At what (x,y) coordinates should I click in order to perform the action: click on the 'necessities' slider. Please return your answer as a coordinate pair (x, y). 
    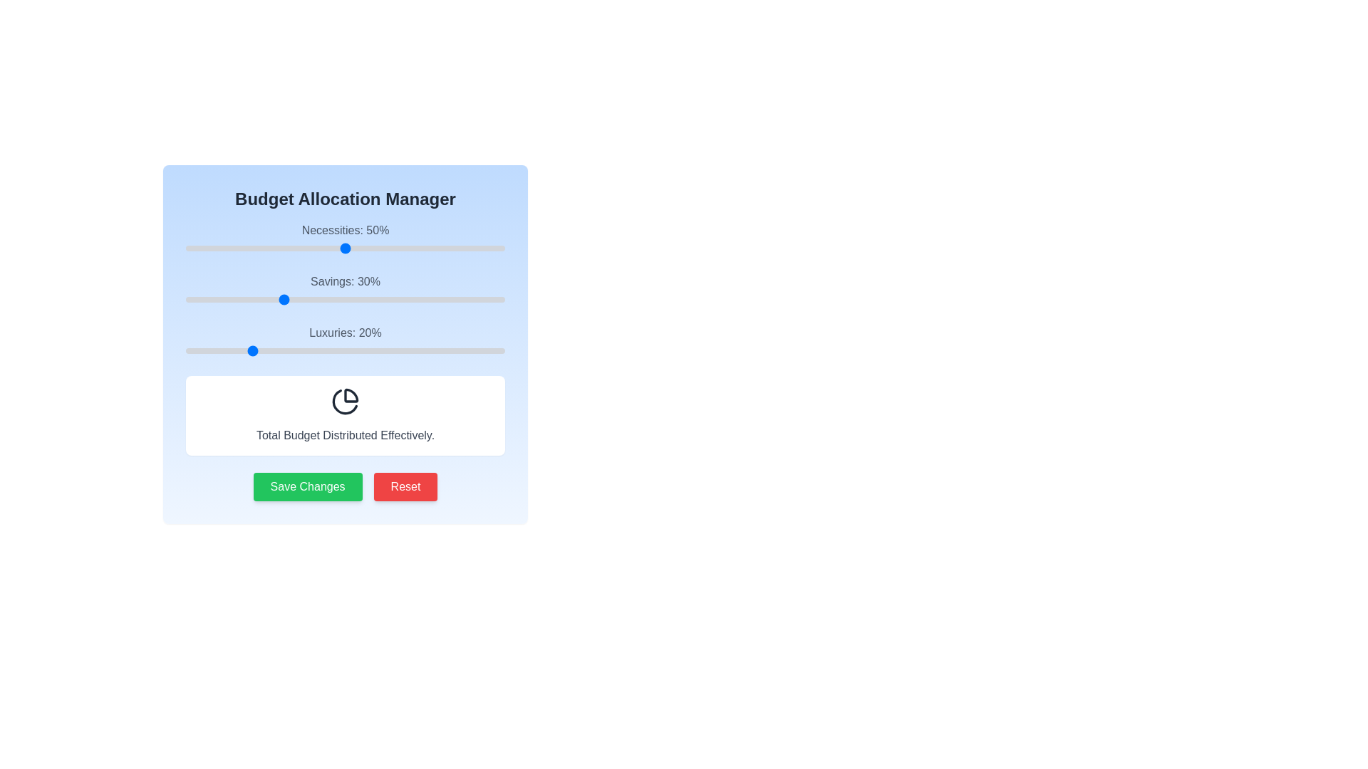
    Looking at the image, I should click on (249, 247).